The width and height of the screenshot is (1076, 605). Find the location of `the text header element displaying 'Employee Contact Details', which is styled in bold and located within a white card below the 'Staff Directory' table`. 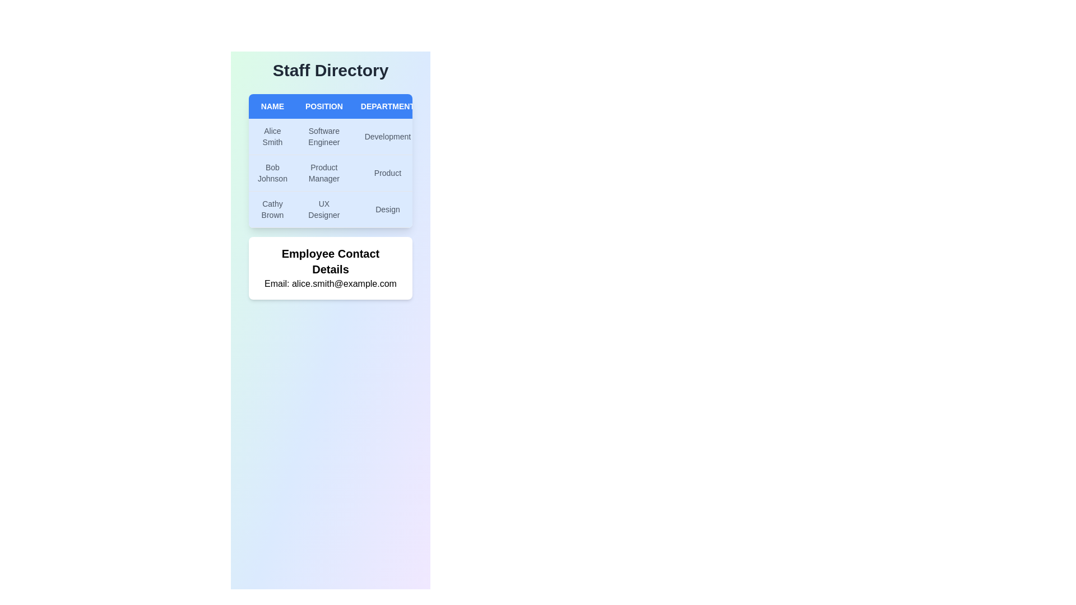

the text header element displaying 'Employee Contact Details', which is styled in bold and located within a white card below the 'Staff Directory' table is located at coordinates (330, 261).